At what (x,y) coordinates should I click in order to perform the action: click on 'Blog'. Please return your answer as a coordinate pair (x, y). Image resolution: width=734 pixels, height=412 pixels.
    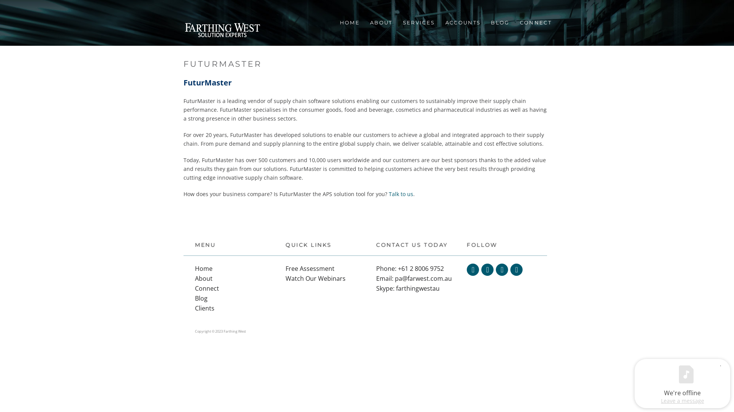
    Looking at the image, I should click on (201, 298).